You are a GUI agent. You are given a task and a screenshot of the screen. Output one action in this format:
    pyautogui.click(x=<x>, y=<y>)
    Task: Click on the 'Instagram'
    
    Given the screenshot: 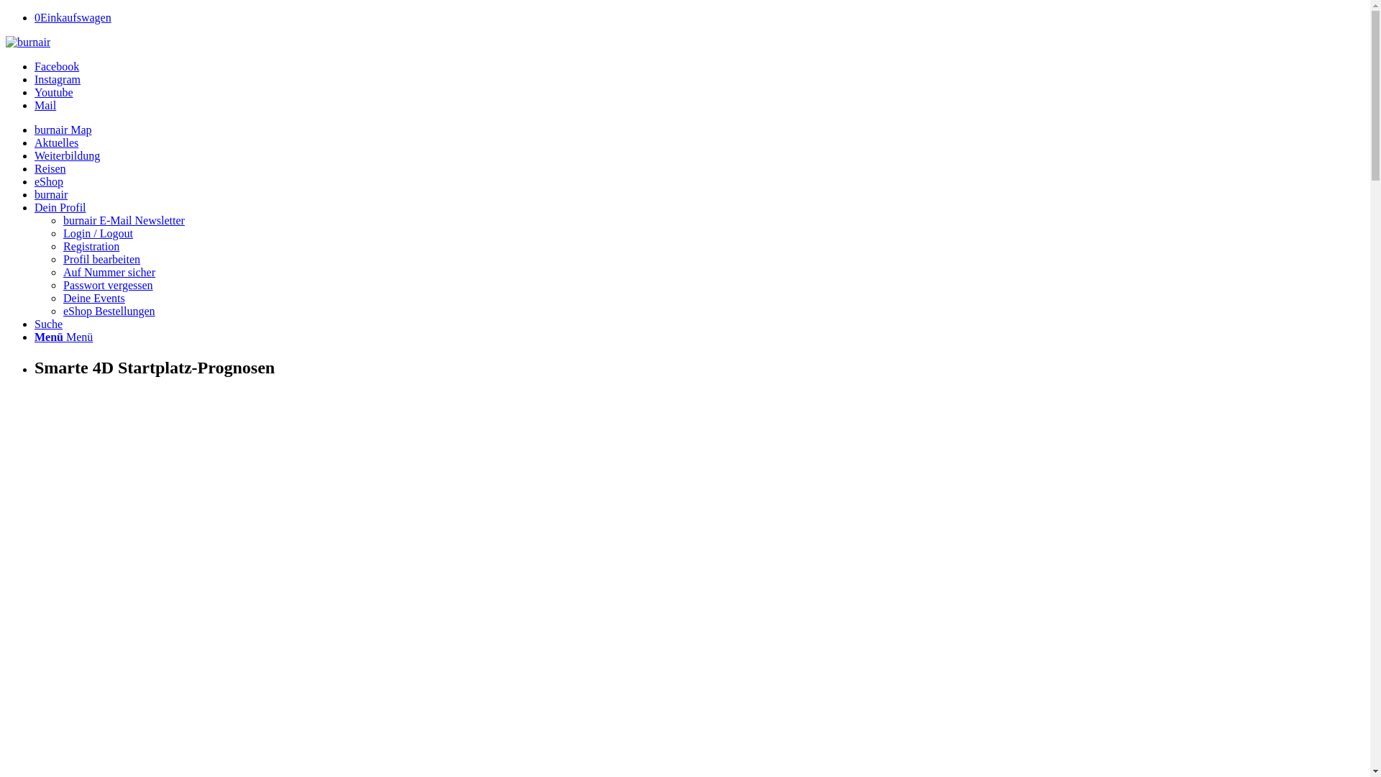 What is the action you would take?
    pyautogui.click(x=58, y=79)
    